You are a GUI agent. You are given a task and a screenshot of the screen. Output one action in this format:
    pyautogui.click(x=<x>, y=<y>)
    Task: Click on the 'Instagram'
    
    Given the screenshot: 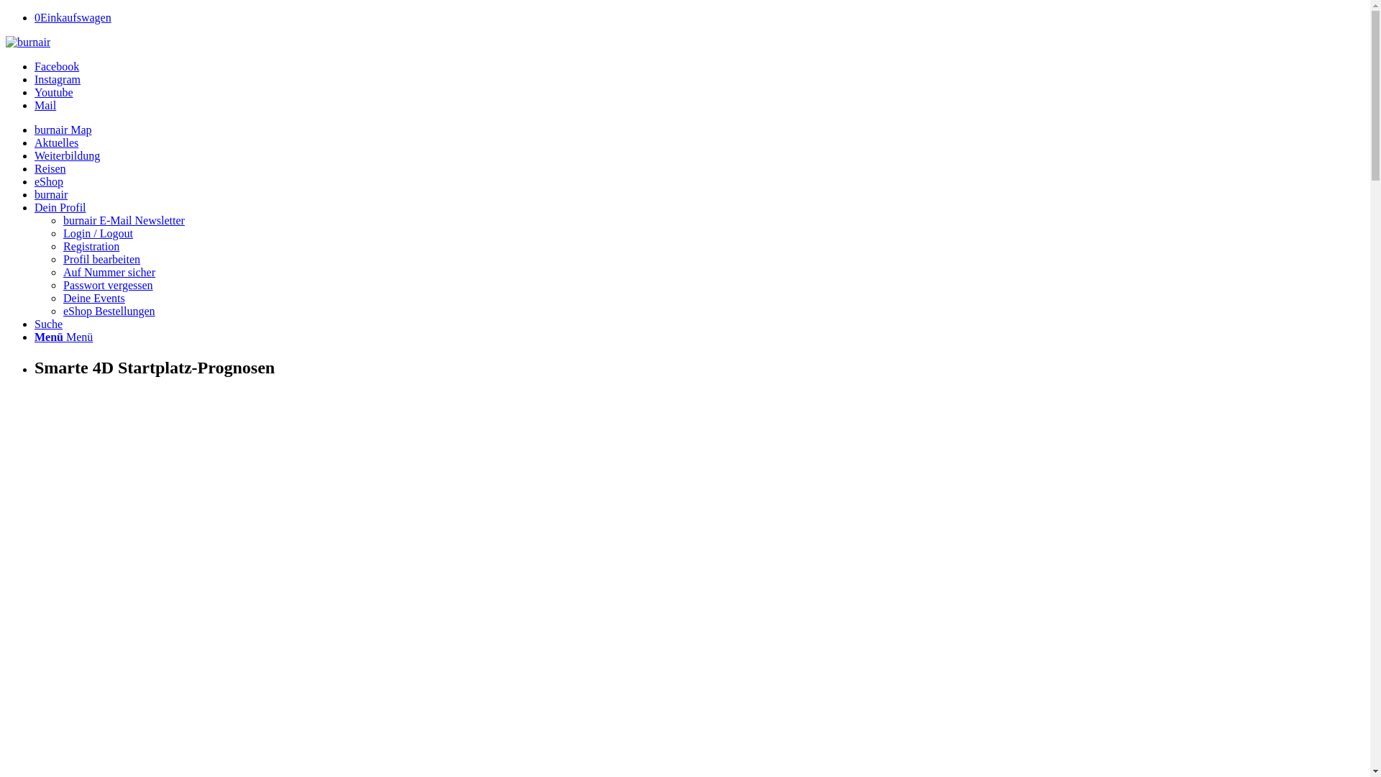 What is the action you would take?
    pyautogui.click(x=58, y=79)
    